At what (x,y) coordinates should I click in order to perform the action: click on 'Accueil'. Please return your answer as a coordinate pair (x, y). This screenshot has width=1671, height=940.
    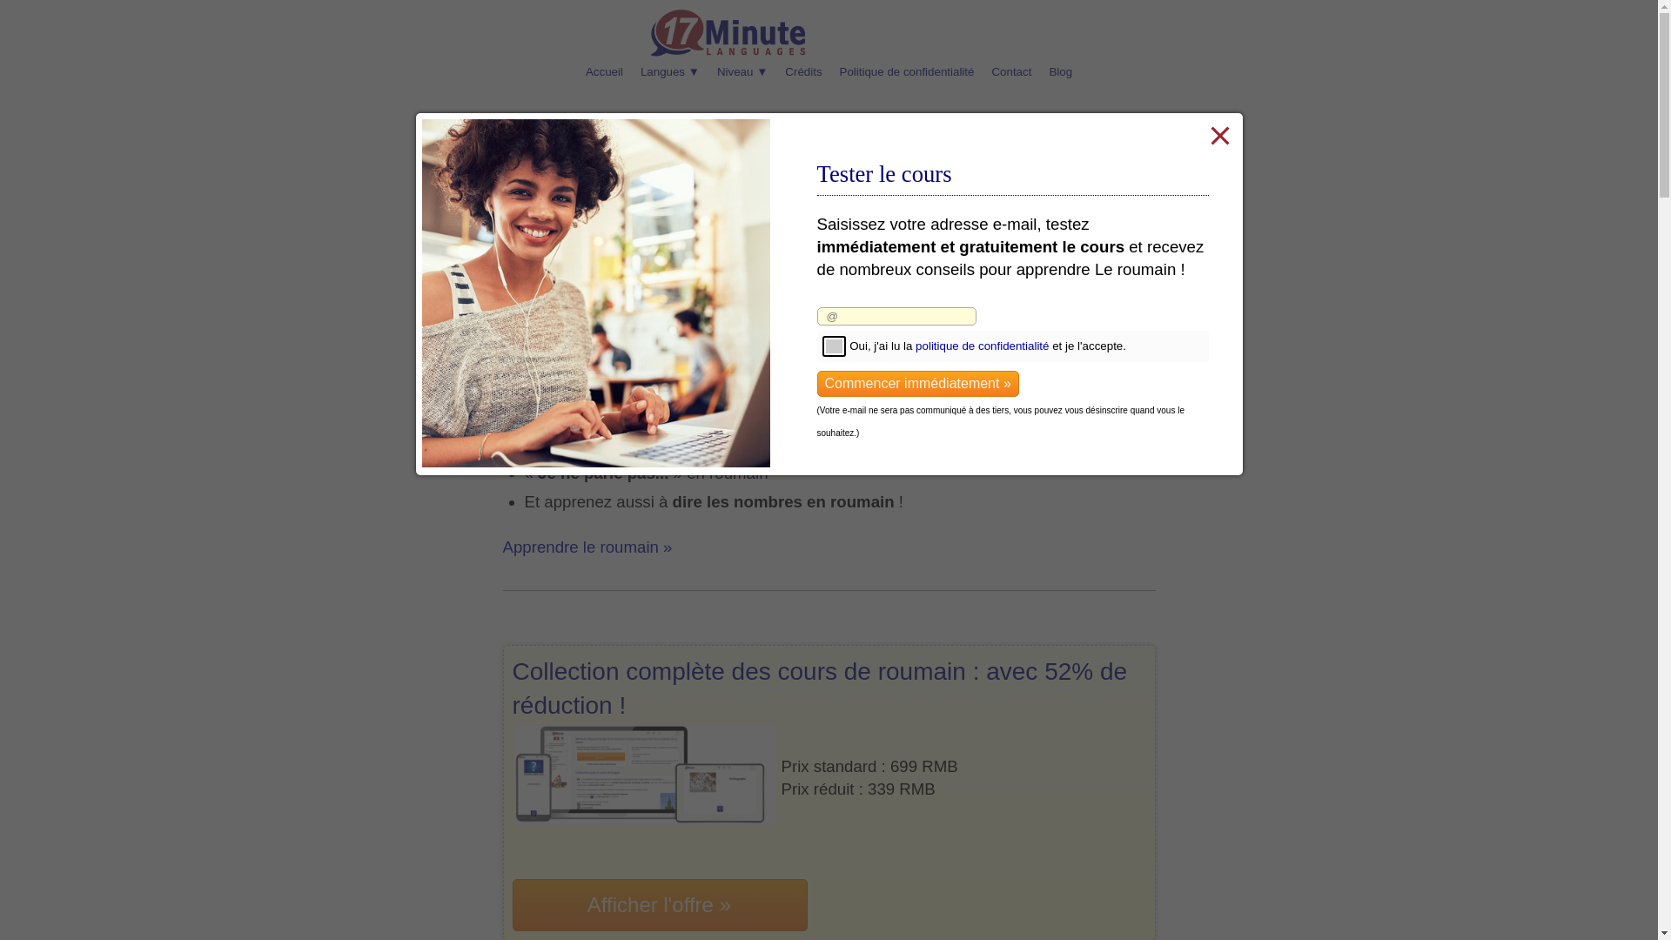
    Looking at the image, I should click on (604, 71).